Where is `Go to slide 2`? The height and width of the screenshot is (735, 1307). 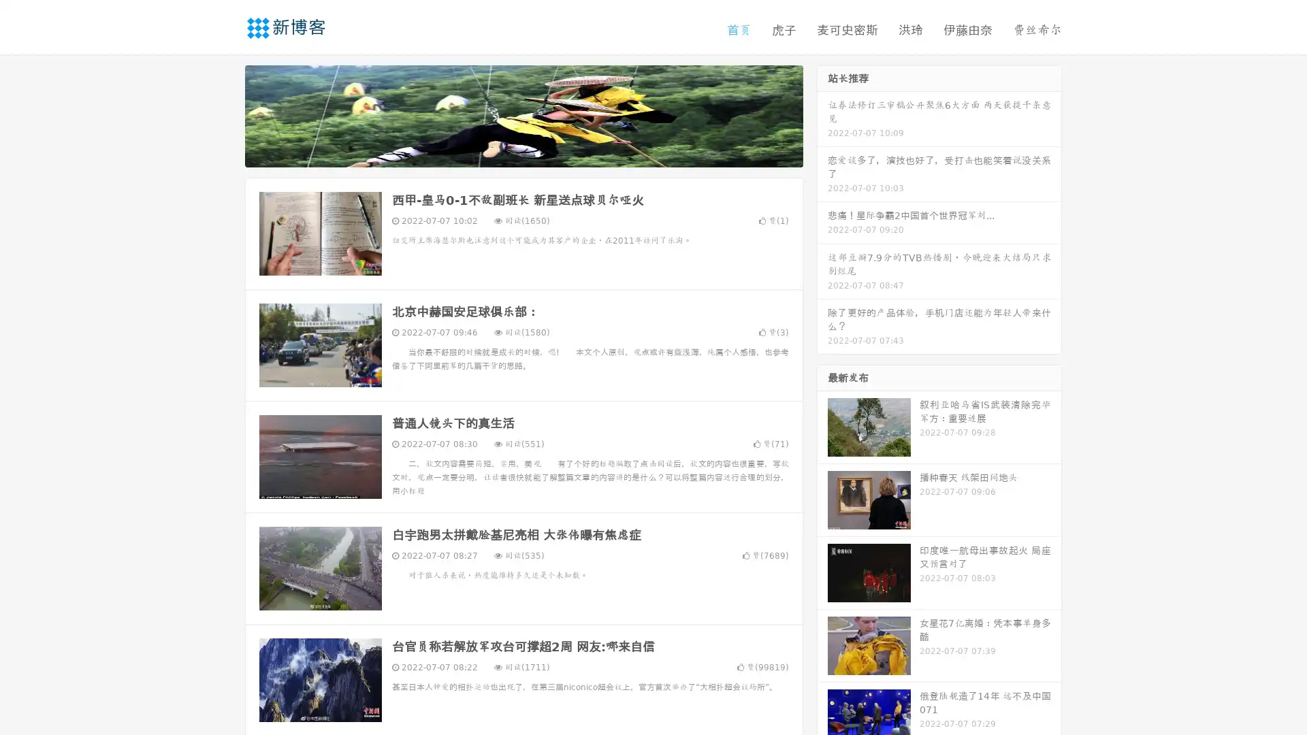 Go to slide 2 is located at coordinates (523, 153).